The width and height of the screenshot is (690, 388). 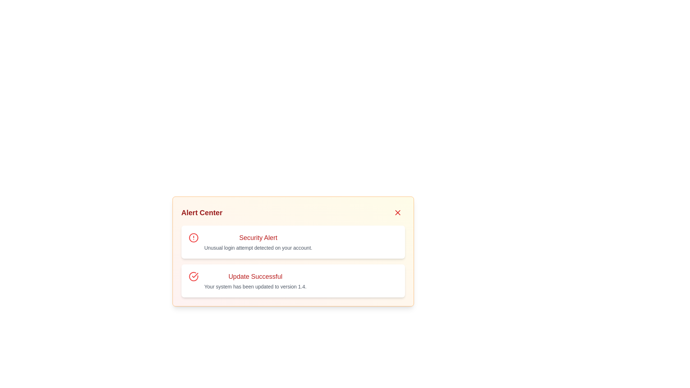 What do you see at coordinates (397, 212) in the screenshot?
I see `the Close Button located in the top right corner of the 'Alert Center' box` at bounding box center [397, 212].